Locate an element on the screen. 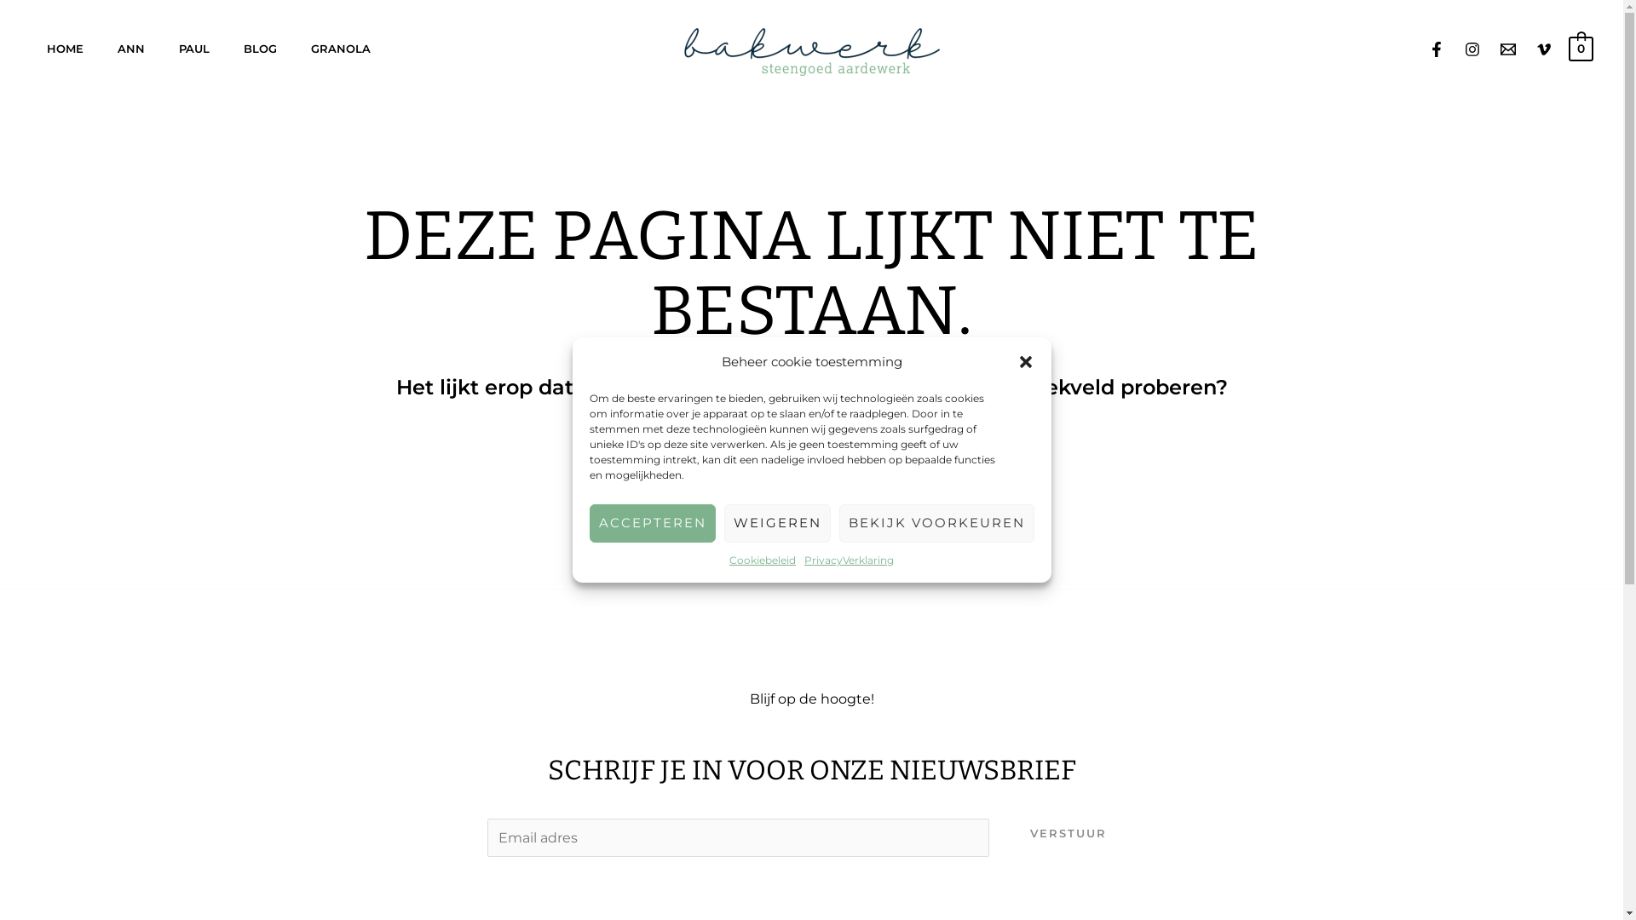 The height and width of the screenshot is (920, 1636). '0' is located at coordinates (1580, 46).